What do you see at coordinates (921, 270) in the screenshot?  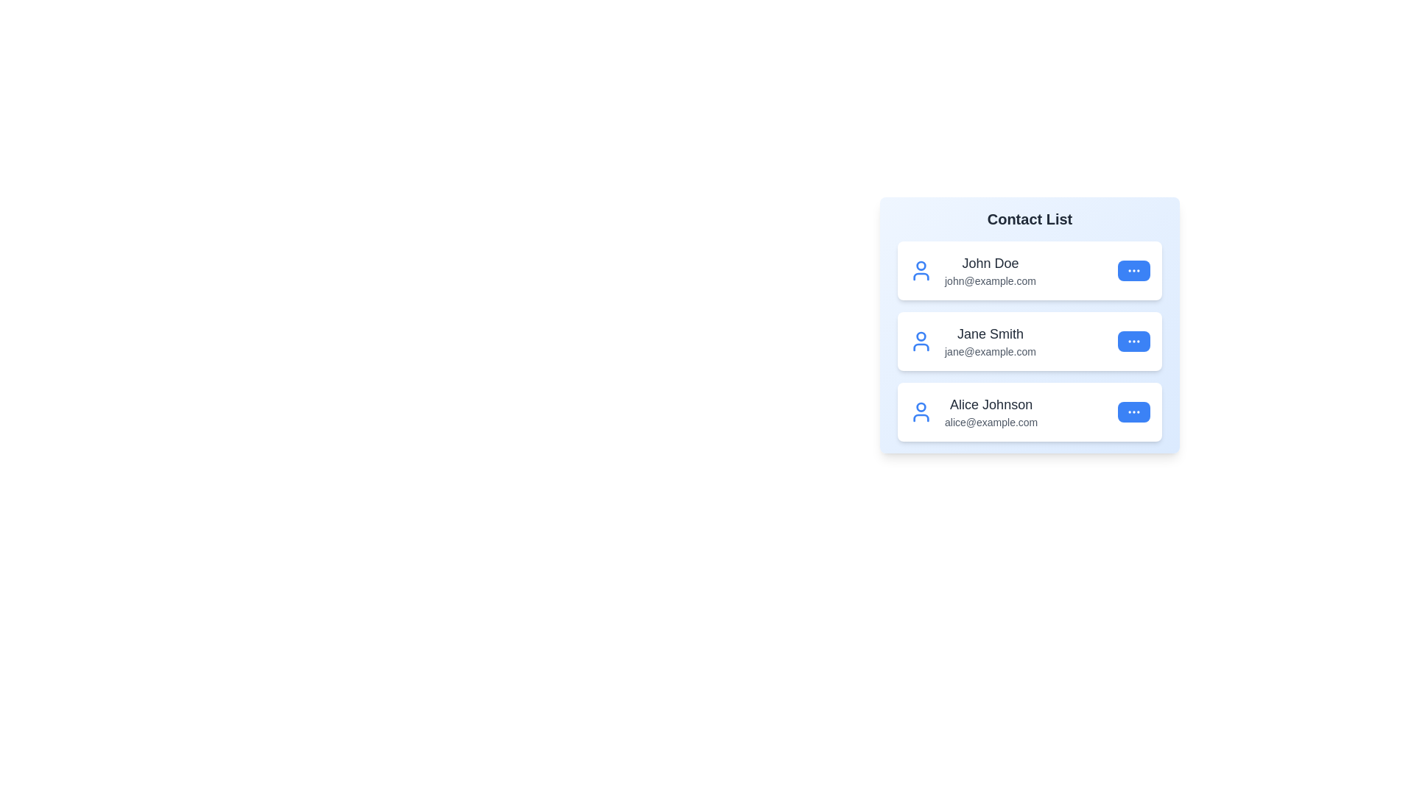 I see `the user icon for John Doe` at bounding box center [921, 270].